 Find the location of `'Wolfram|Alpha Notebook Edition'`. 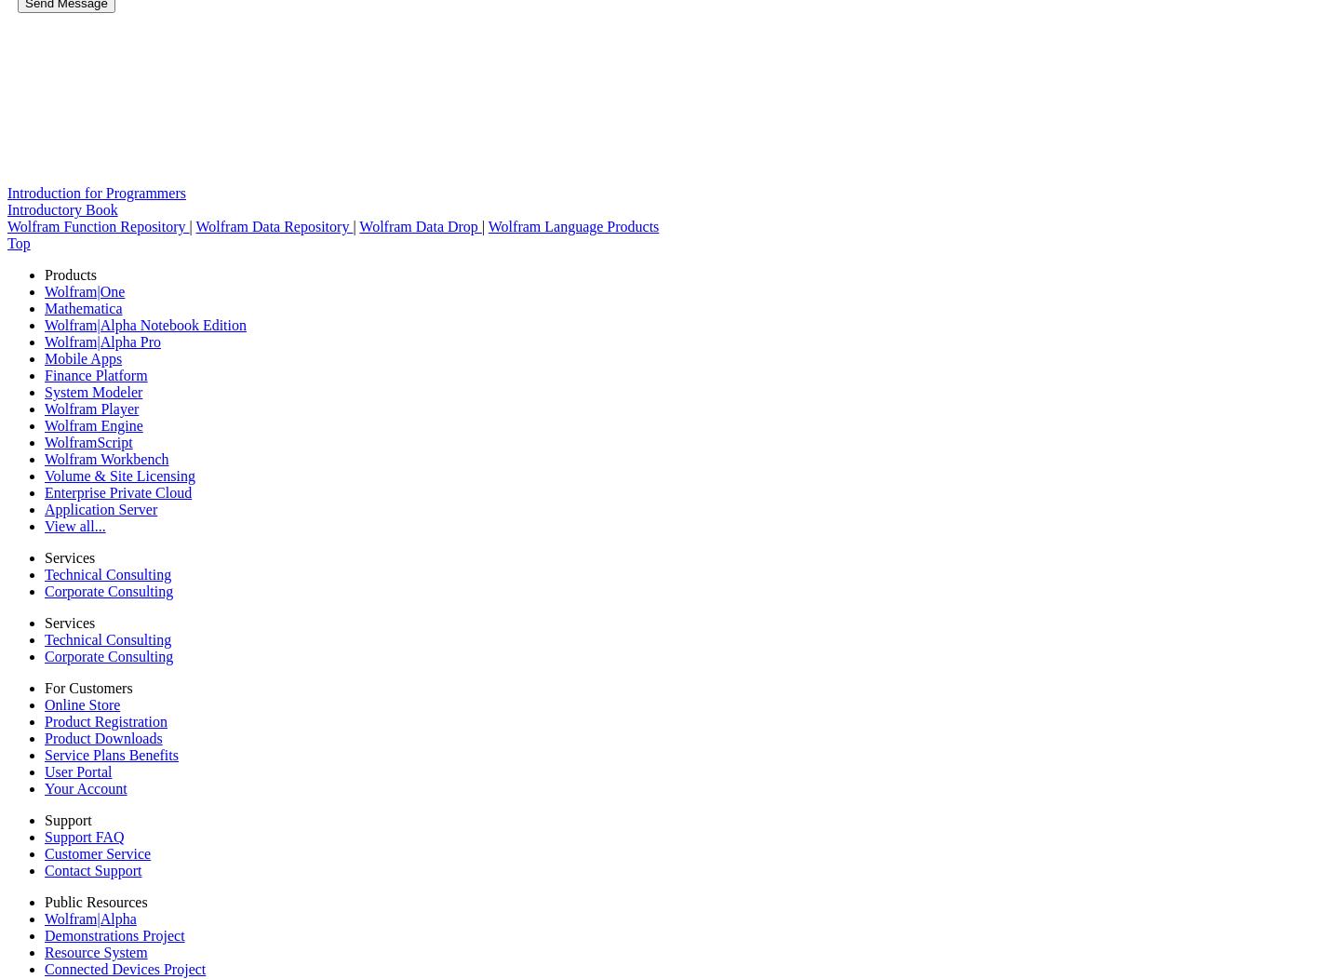

'Wolfram|Alpha Notebook Edition' is located at coordinates (143, 324).